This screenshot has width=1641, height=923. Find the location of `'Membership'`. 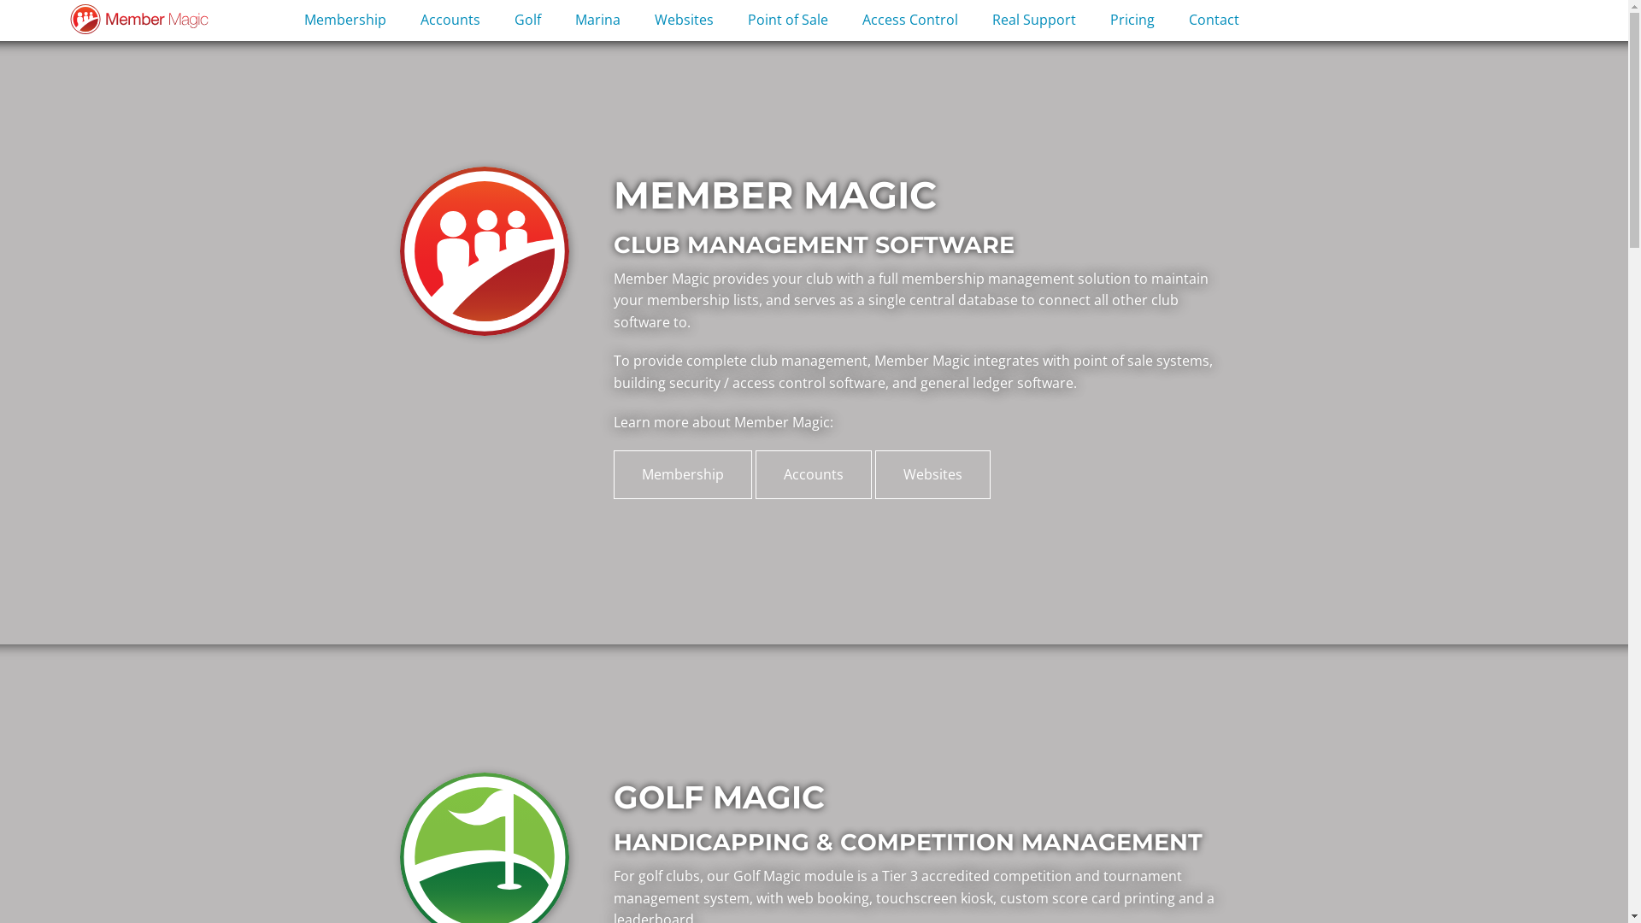

'Membership' is located at coordinates (344, 21).